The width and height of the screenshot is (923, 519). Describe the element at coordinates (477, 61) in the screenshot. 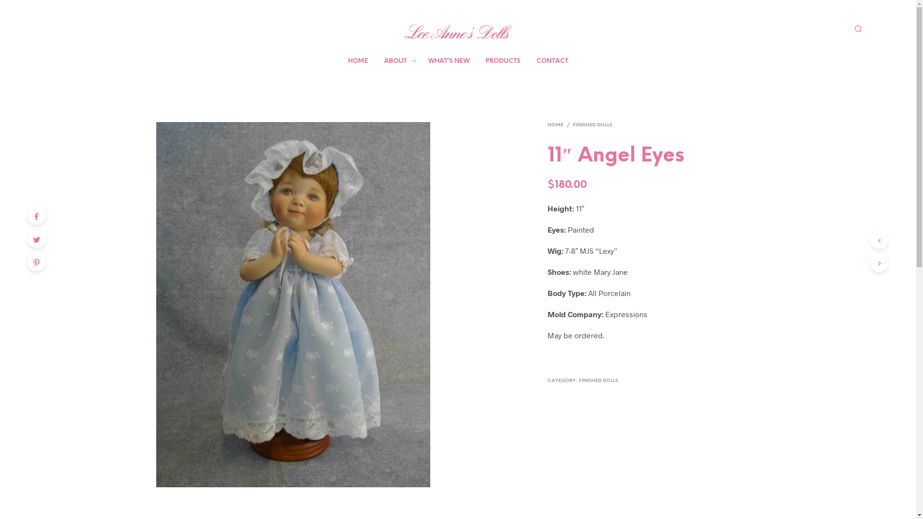

I see `'PRODUCTS'` at that location.